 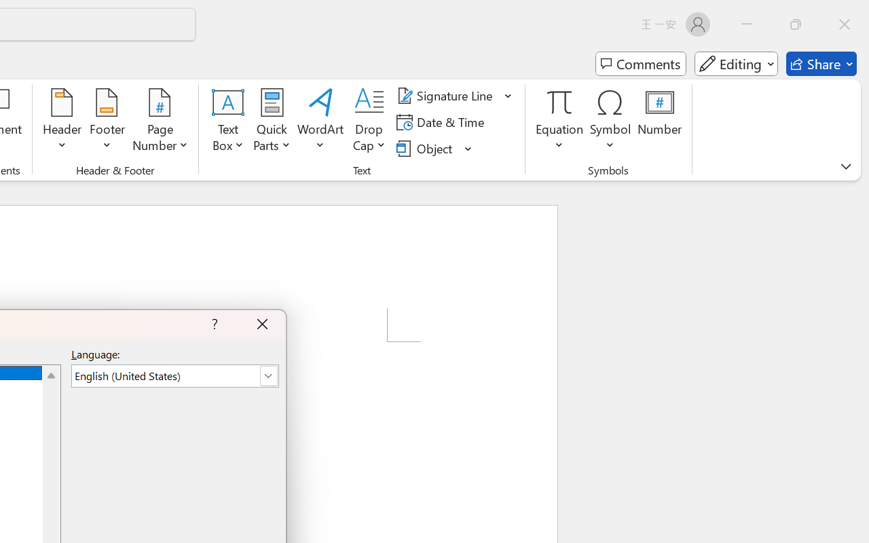 What do you see at coordinates (735, 64) in the screenshot?
I see `'Mode'` at bounding box center [735, 64].